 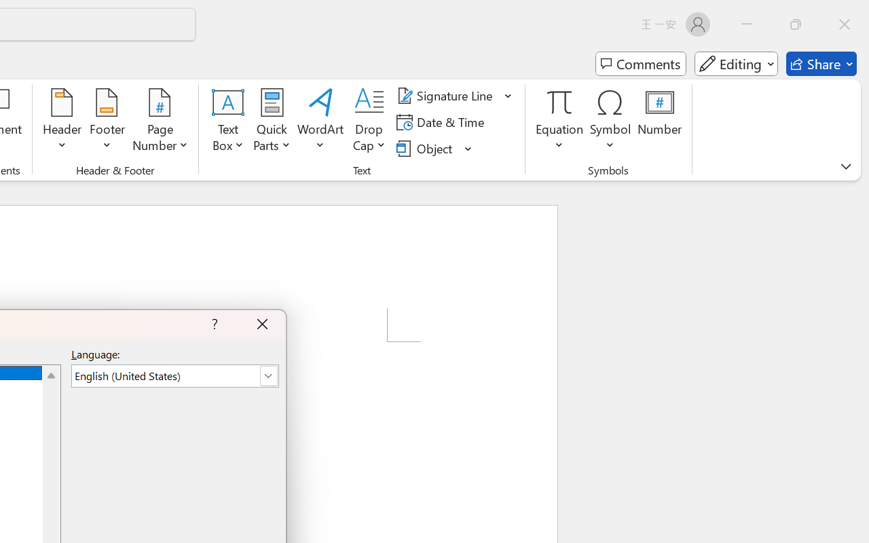 What do you see at coordinates (735, 64) in the screenshot?
I see `'Mode'` at bounding box center [735, 64].